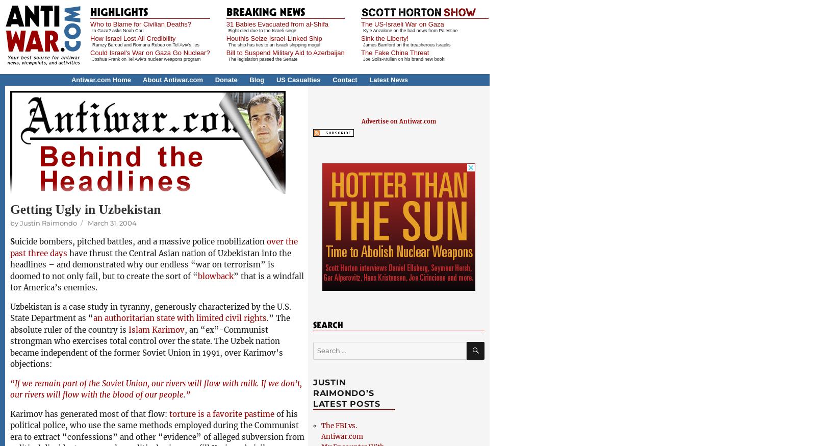  What do you see at coordinates (133, 38) in the screenshot?
I see `'How Israel Lost All Credibility'` at bounding box center [133, 38].